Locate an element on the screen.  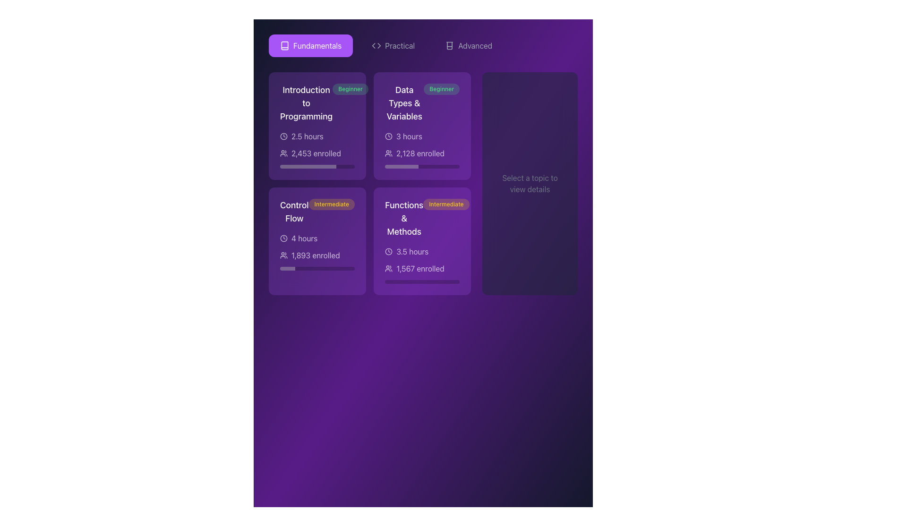
the 'Beginner' badge styled with a rounded shape and green text, located to the right of the 'Data Types & Variables' heading inside a card in the top-center region of the interface is located at coordinates (441, 89).